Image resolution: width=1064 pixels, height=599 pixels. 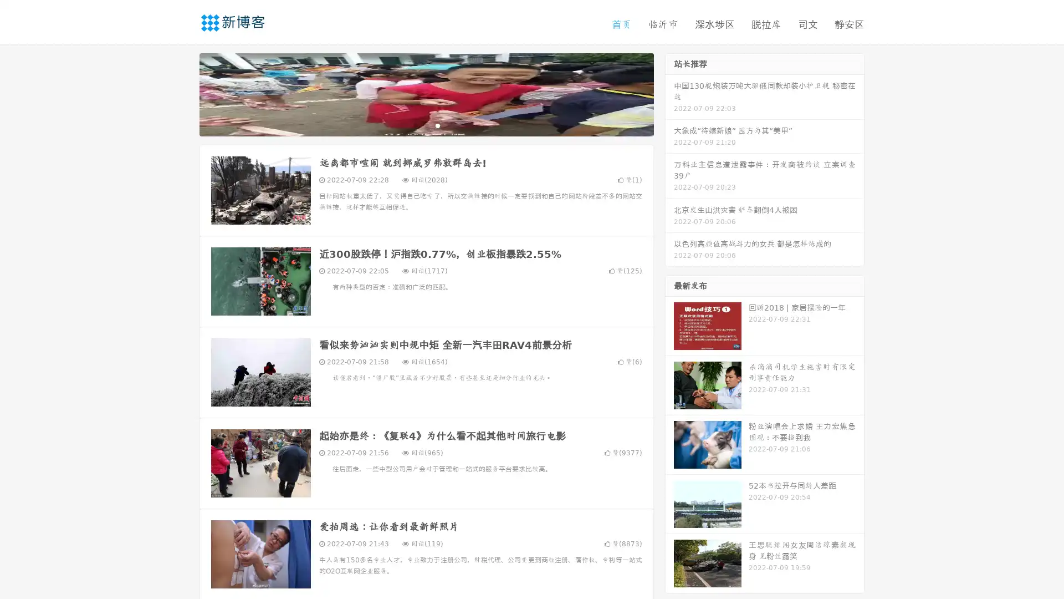 I want to click on Next slide, so click(x=669, y=93).